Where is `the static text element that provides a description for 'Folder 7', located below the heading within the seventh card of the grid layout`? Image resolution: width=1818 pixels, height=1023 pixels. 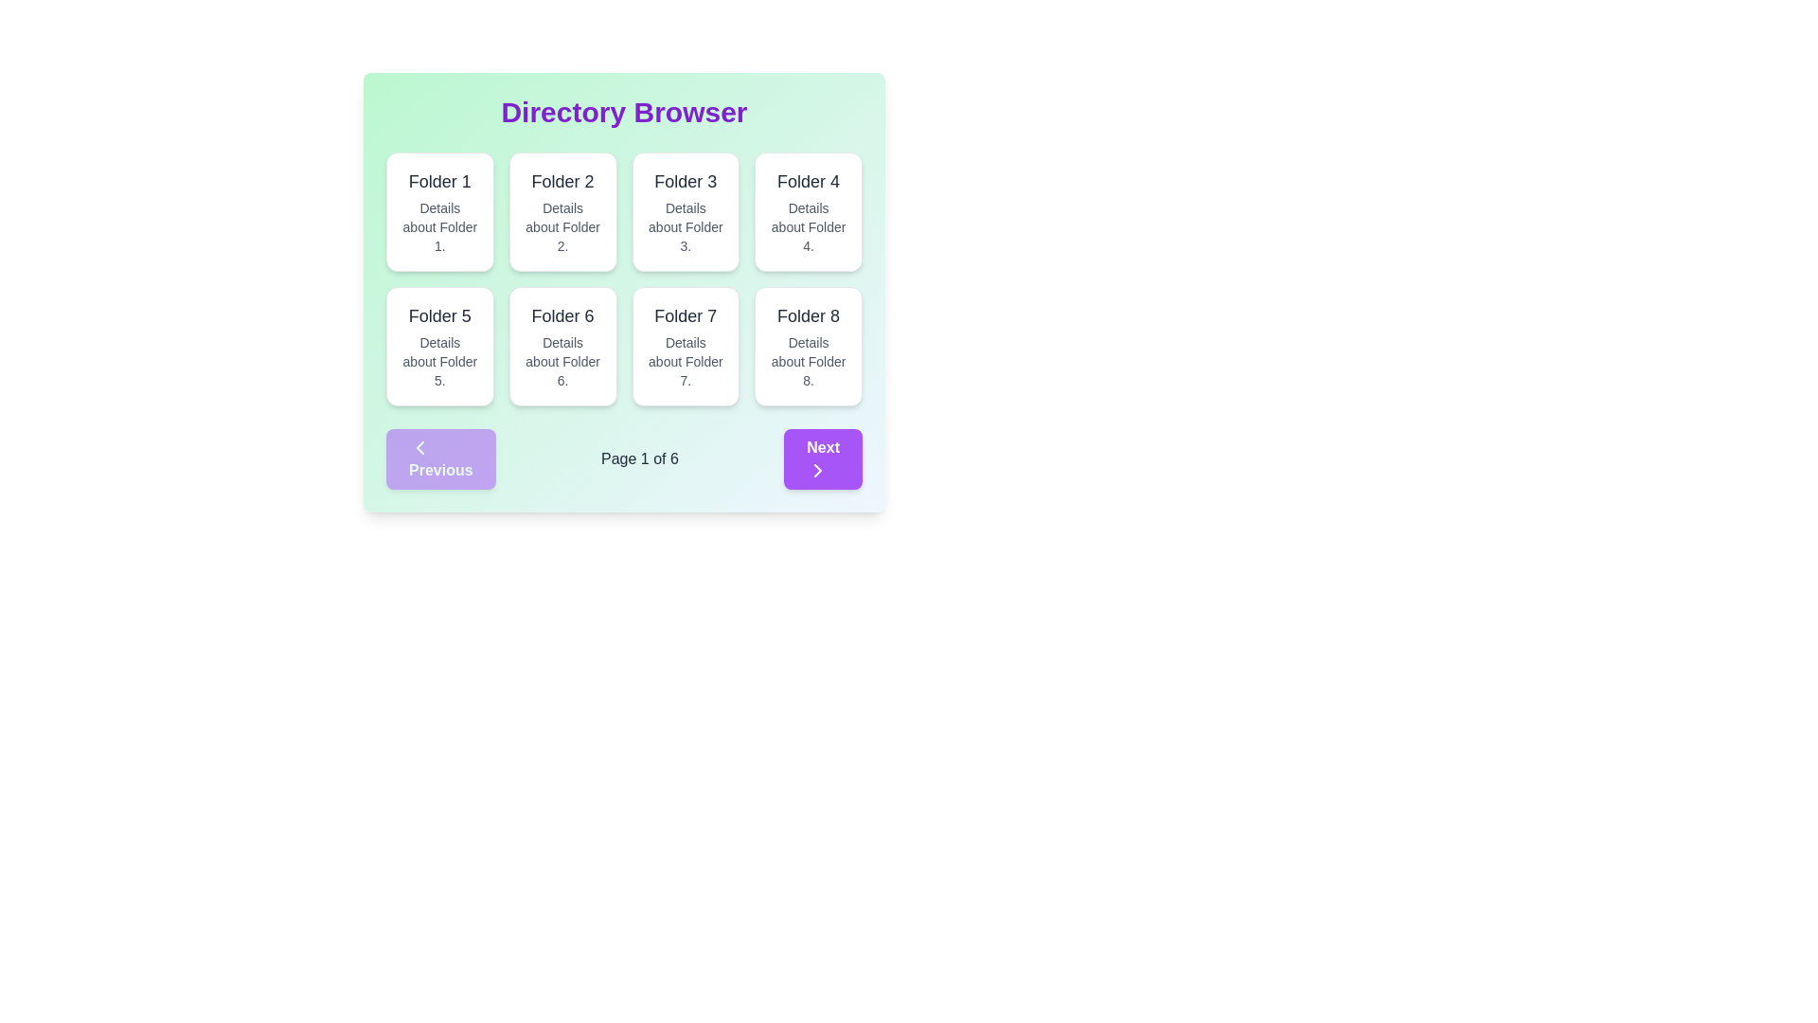
the static text element that provides a description for 'Folder 7', located below the heading within the seventh card of the grid layout is located at coordinates (685, 361).